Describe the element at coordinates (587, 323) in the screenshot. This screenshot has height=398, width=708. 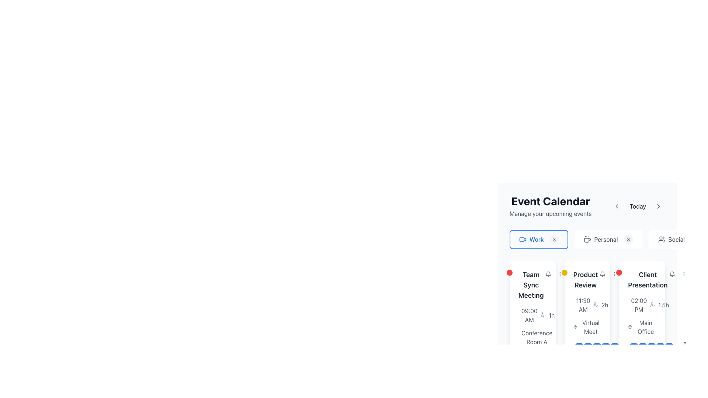
I see `the visual card component in the grid layout` at that location.